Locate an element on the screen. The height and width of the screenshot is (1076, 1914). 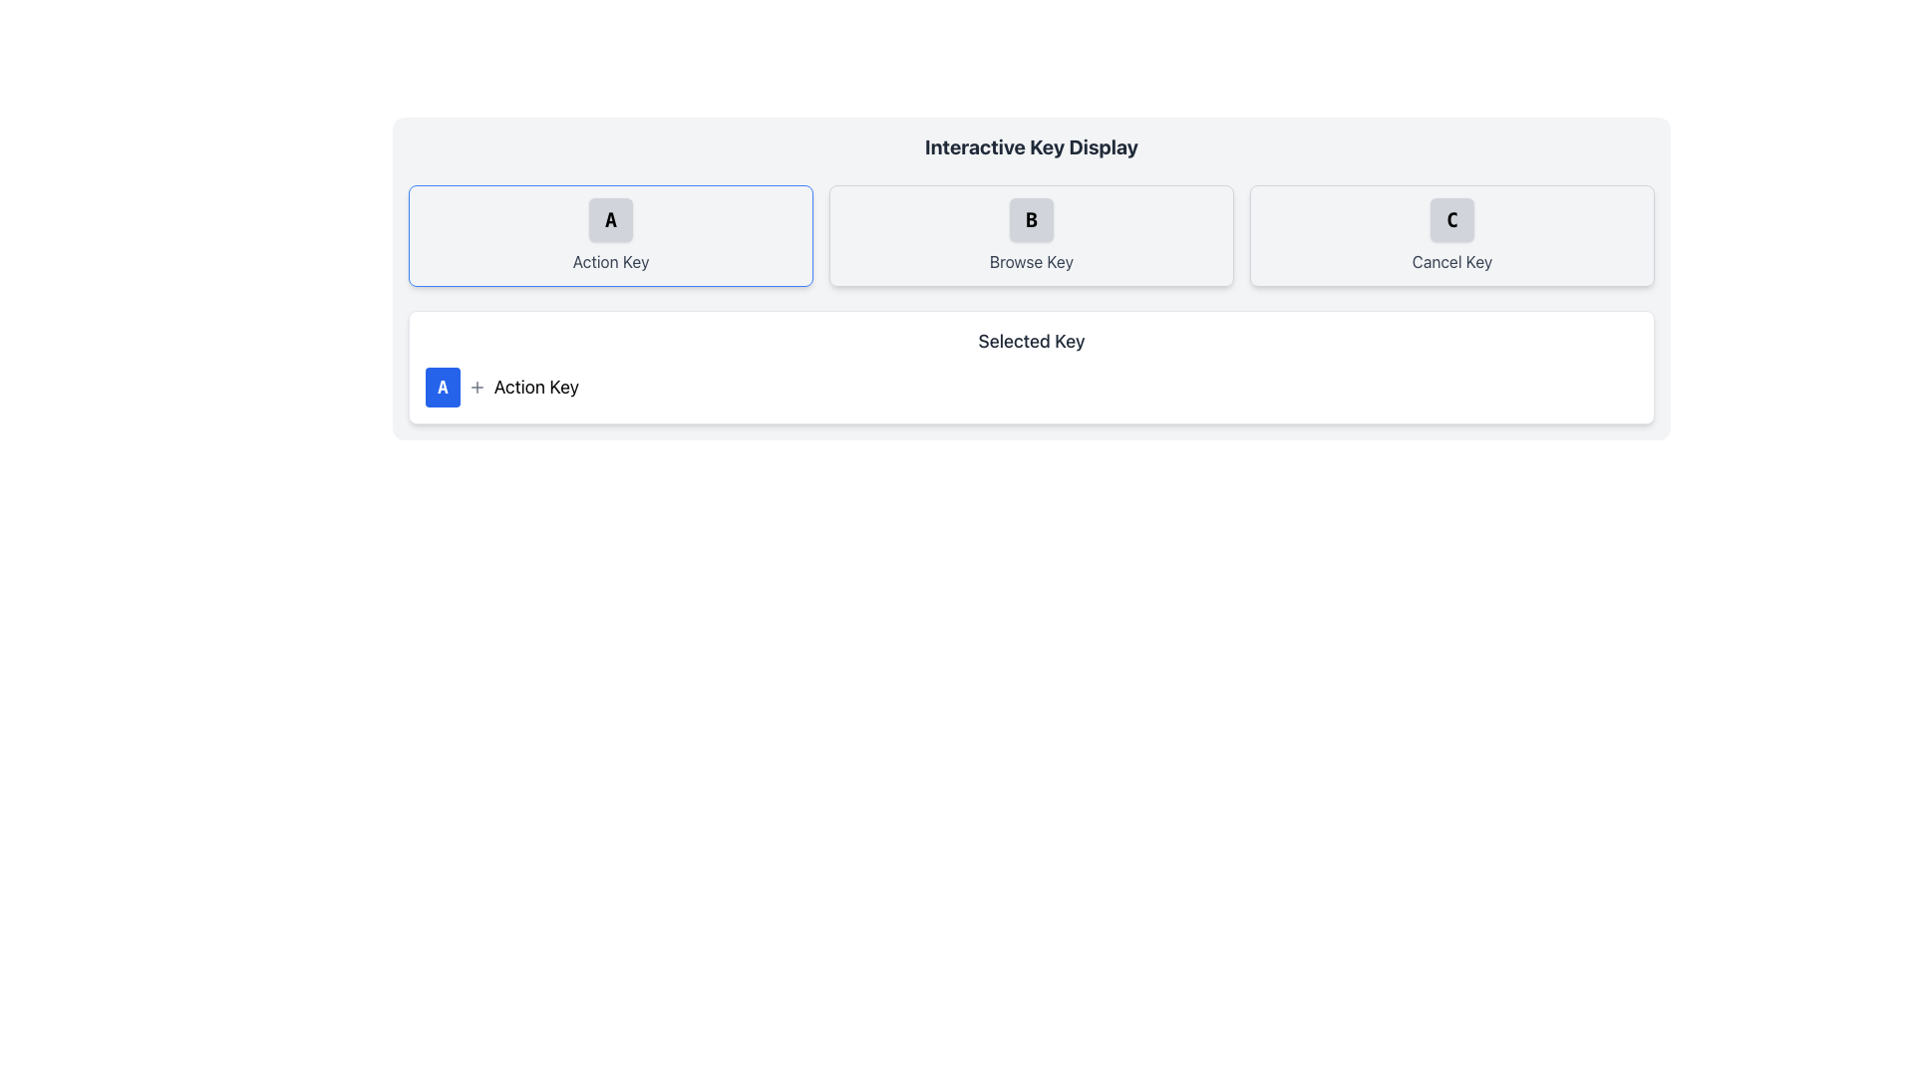
the button labeled 'B' in the second position of the 'Interactive Key Display' is located at coordinates (1032, 219).